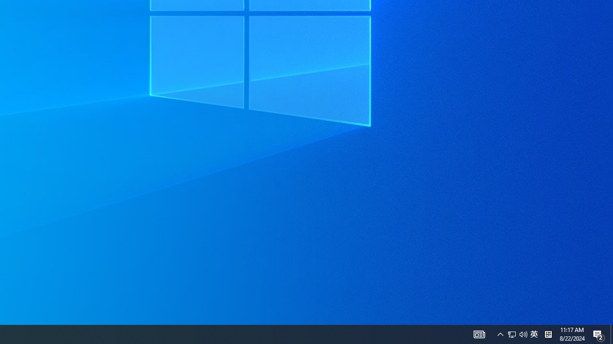 This screenshot has width=613, height=344. What do you see at coordinates (500, 333) in the screenshot?
I see `'Notification Chevron'` at bounding box center [500, 333].